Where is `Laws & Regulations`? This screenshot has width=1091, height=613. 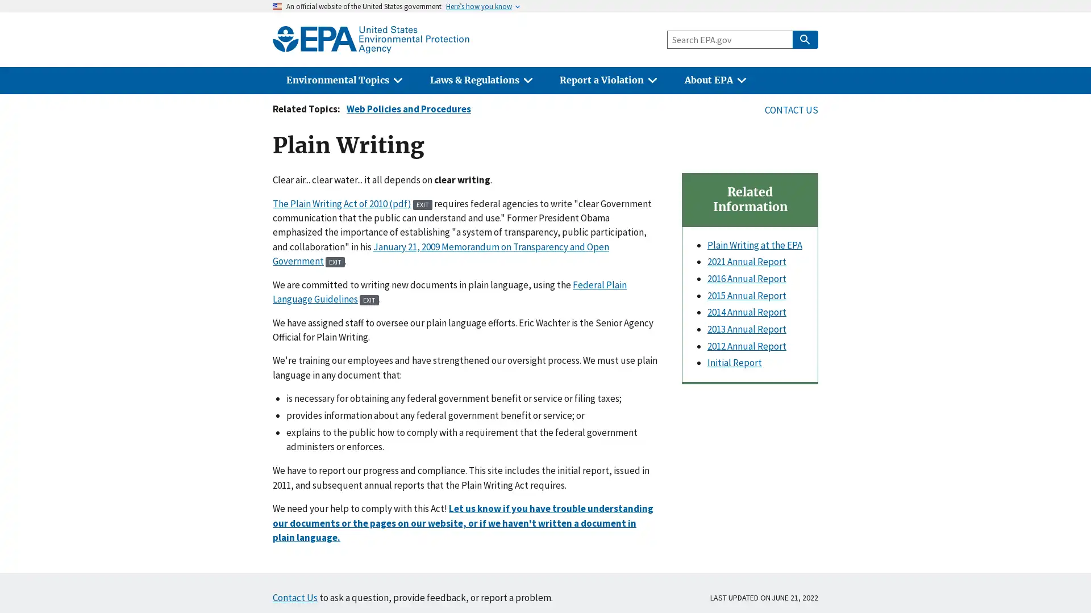 Laws & Regulations is located at coordinates (481, 80).